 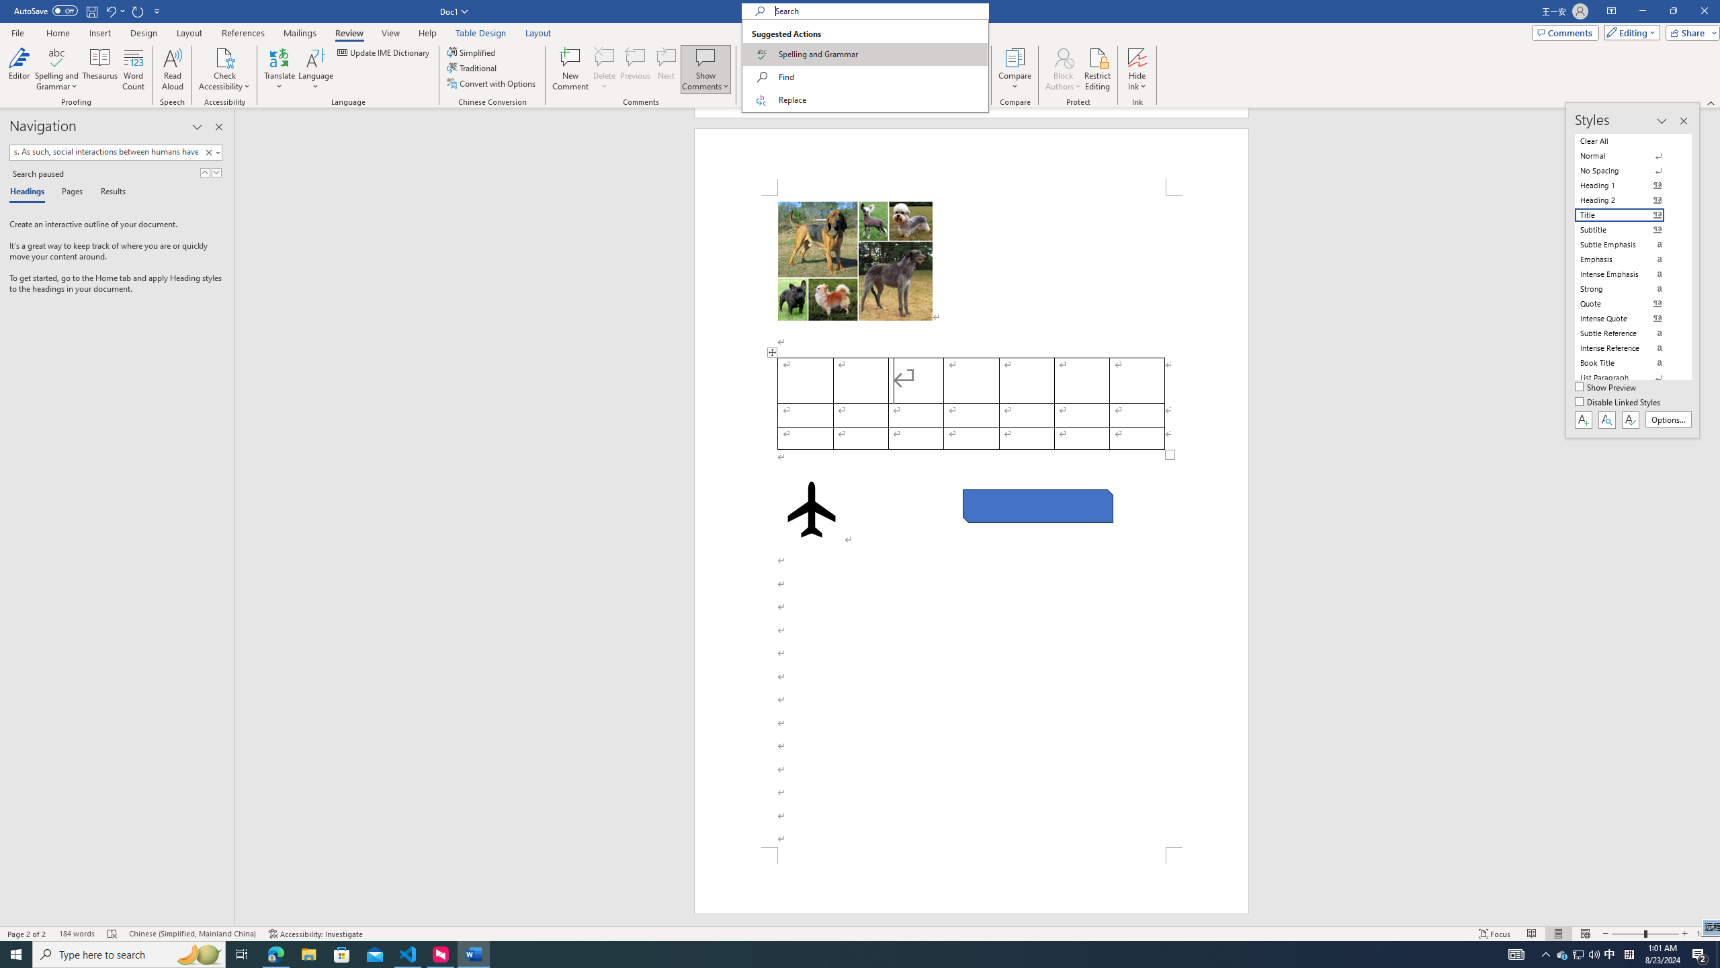 What do you see at coordinates (705, 56) in the screenshot?
I see `'Show Comments'` at bounding box center [705, 56].